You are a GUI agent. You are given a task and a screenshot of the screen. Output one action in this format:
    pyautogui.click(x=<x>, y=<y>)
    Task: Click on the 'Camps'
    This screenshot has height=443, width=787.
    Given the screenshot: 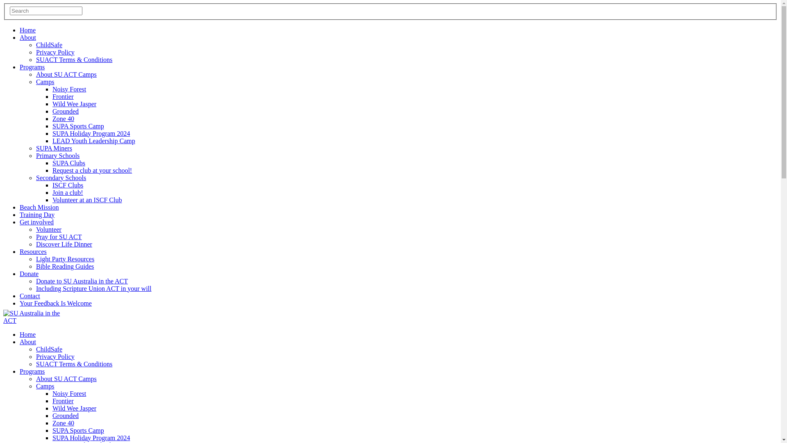 What is the action you would take?
    pyautogui.click(x=35, y=386)
    